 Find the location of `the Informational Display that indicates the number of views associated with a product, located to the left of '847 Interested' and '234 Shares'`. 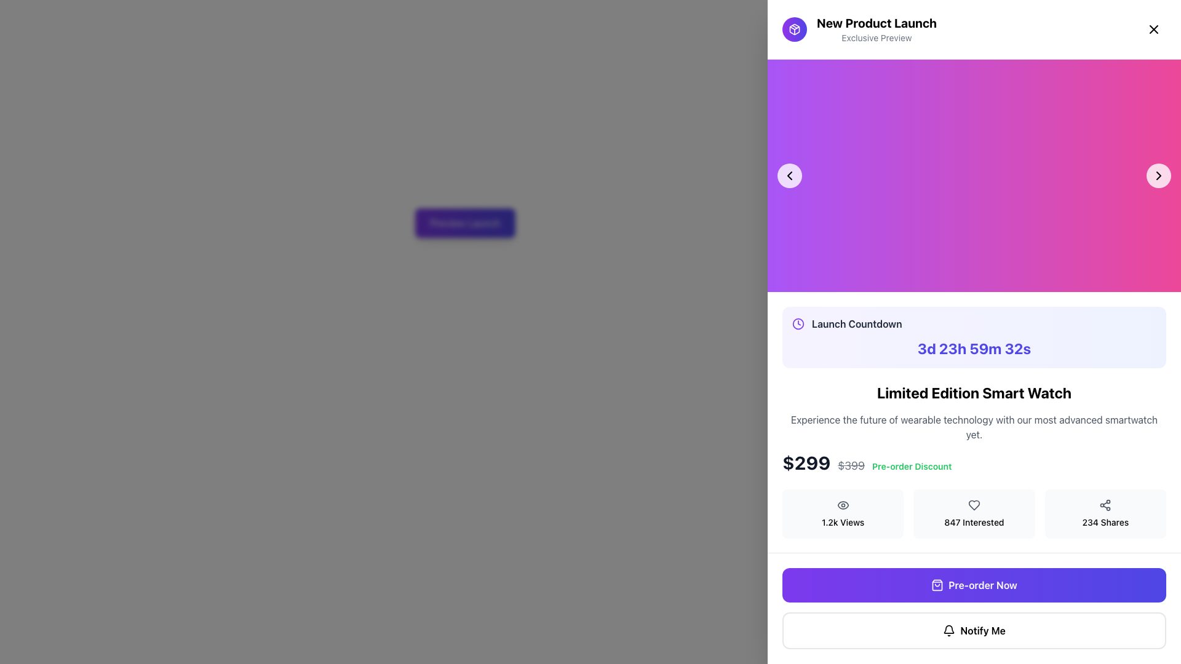

the Informational Display that indicates the number of views associated with a product, located to the left of '847 Interested' and '234 Shares' is located at coordinates (842, 514).